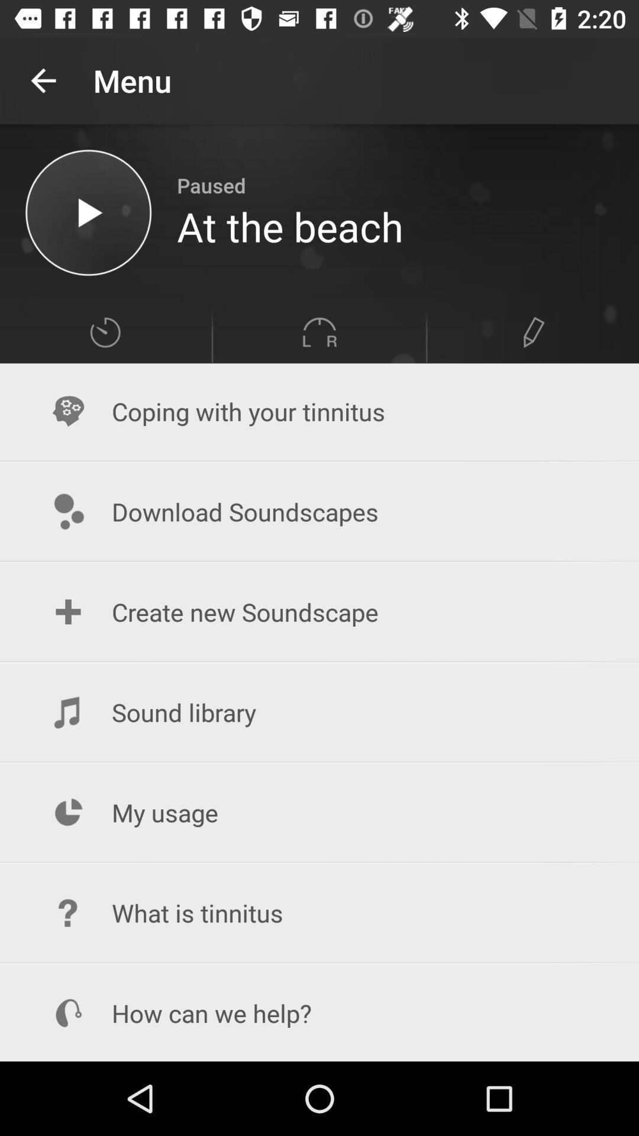 This screenshot has width=639, height=1136. Describe the element at coordinates (104, 331) in the screenshot. I see `open menu` at that location.